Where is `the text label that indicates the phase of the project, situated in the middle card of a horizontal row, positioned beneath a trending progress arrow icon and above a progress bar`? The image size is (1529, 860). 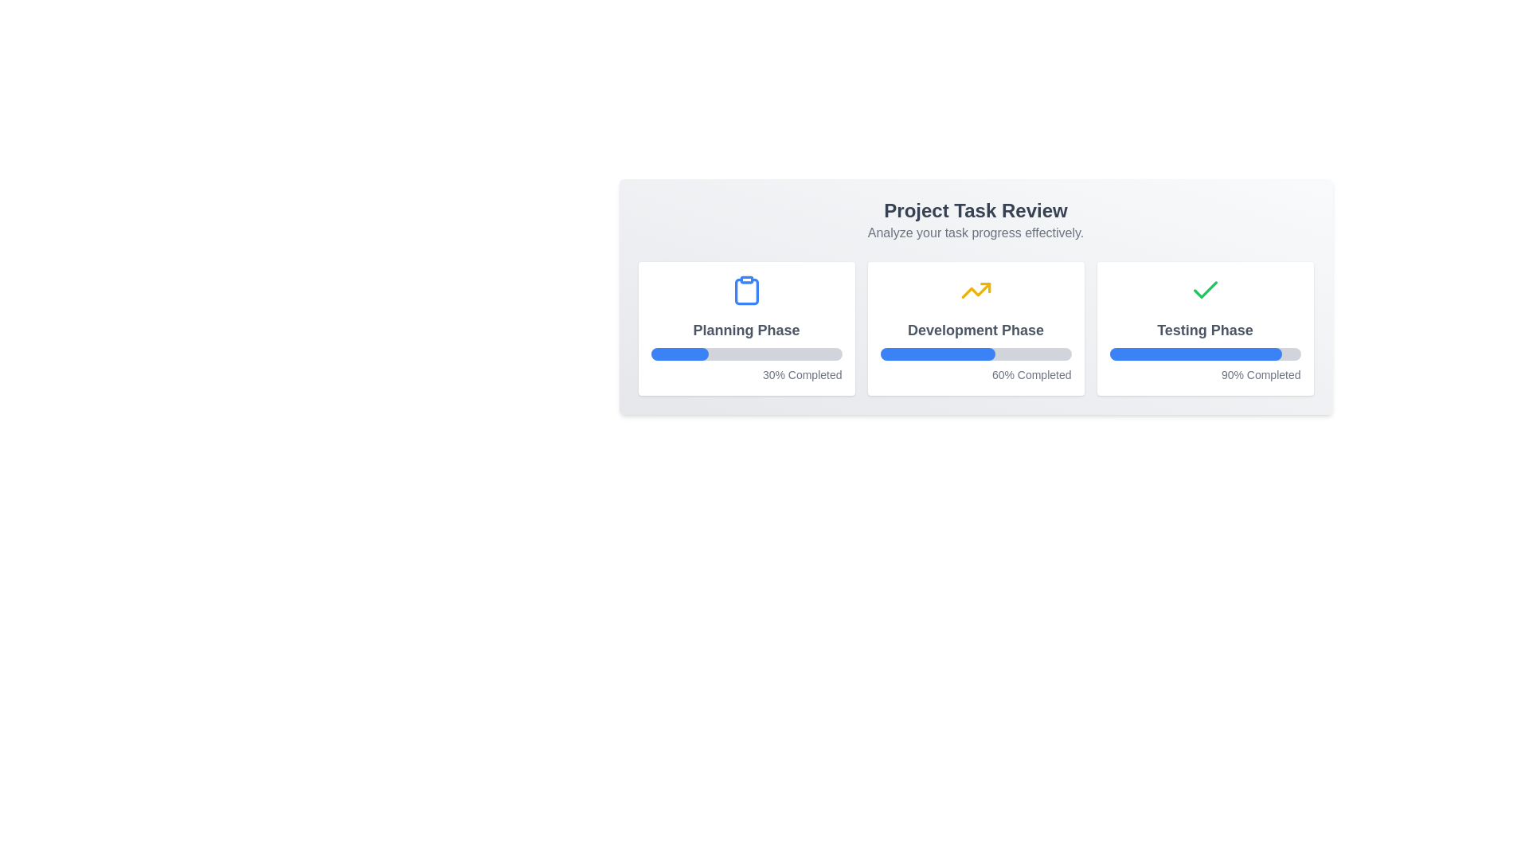 the text label that indicates the phase of the project, situated in the middle card of a horizontal row, positioned beneath a trending progress arrow icon and above a progress bar is located at coordinates (975, 330).